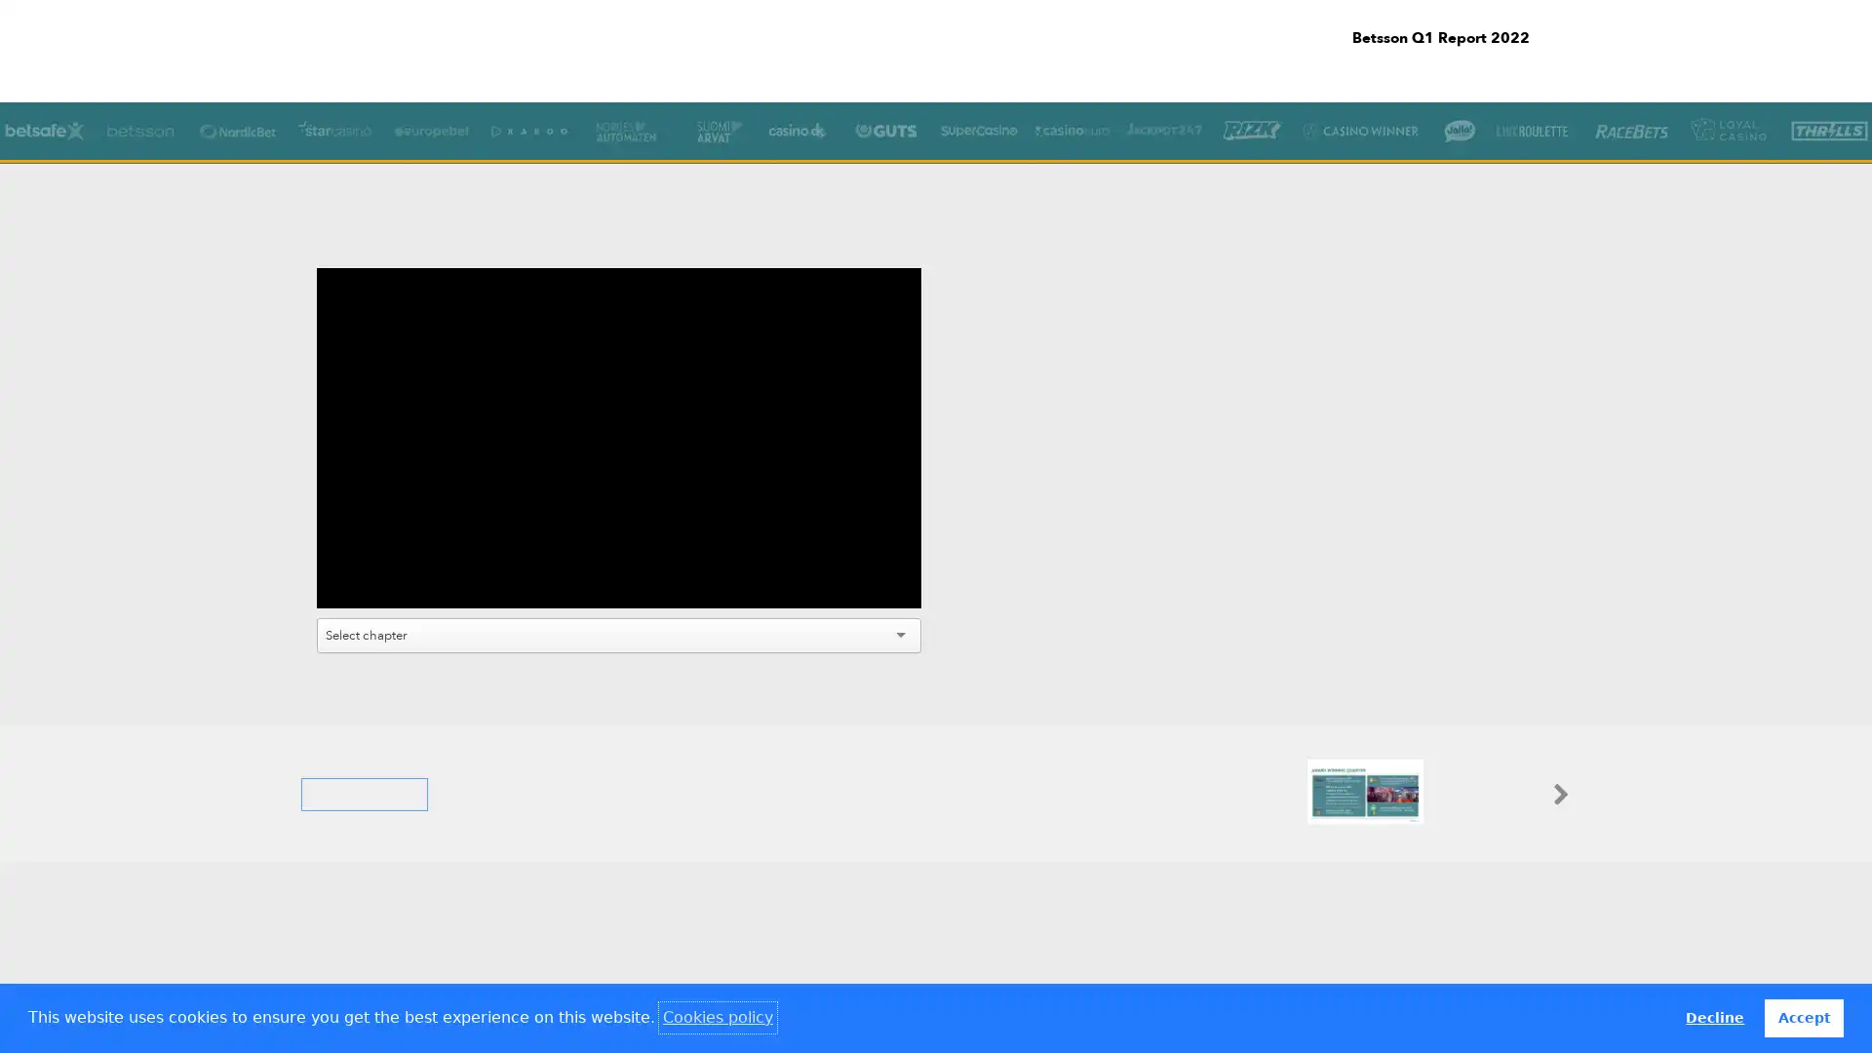 This screenshot has width=1872, height=1053. I want to click on Fullscreen, so click(889, 577).